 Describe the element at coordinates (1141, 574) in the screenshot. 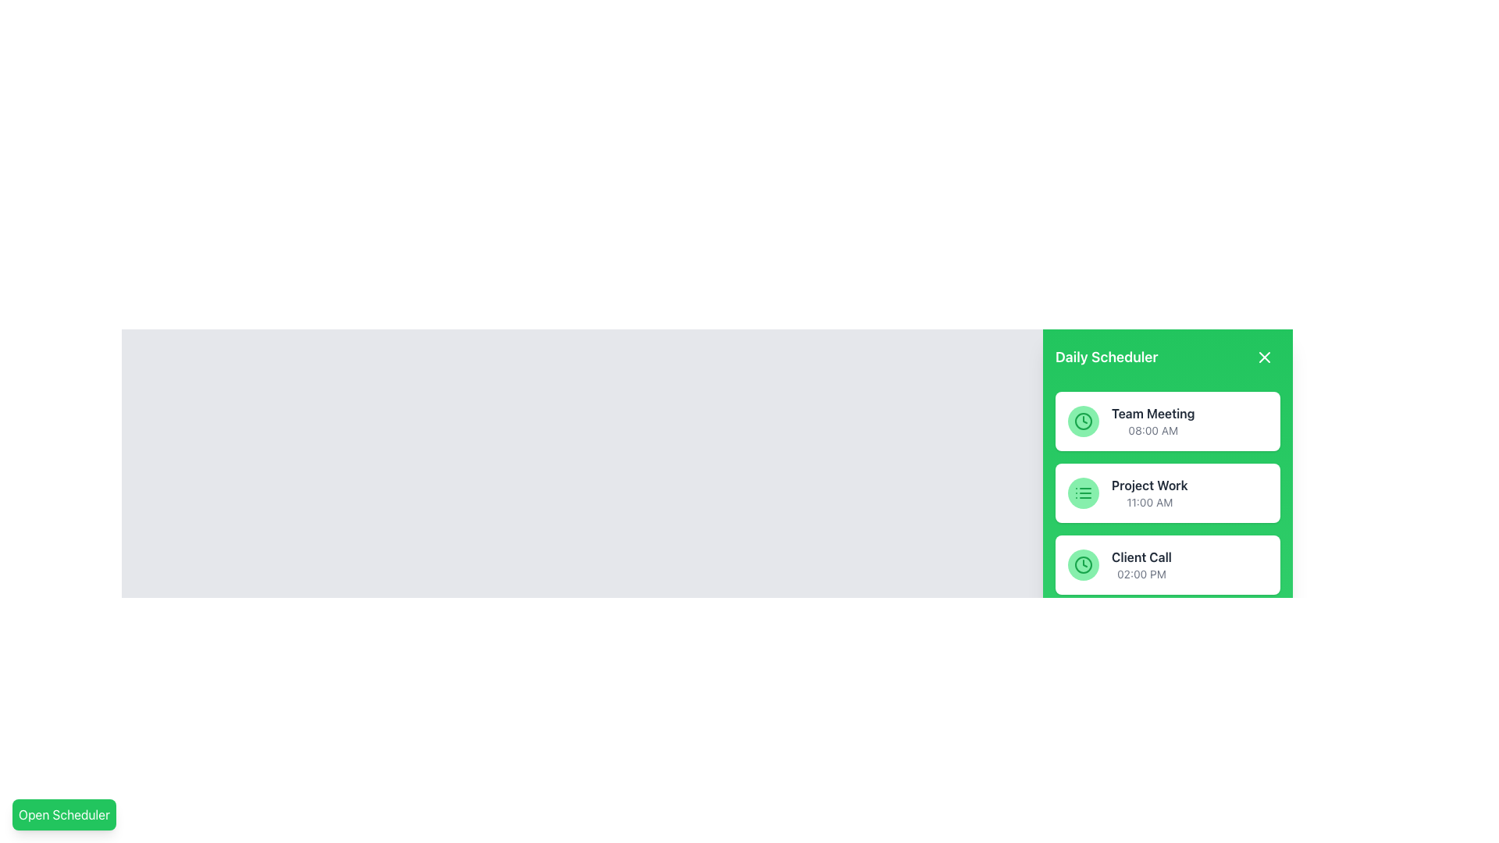

I see `the gray text label displaying the time value '02:00 PM' aligned to the right within the 'Client Call' list item` at that location.